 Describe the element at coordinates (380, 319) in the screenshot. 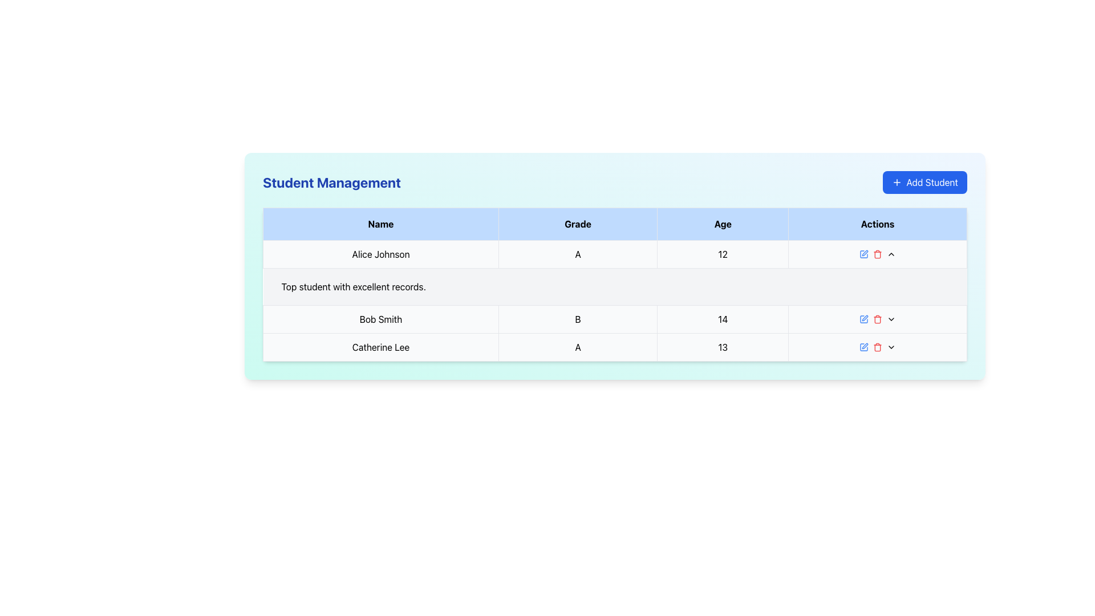

I see `text element displaying 'Bob Smith' in bold black font located in the first column of the second row of the data table` at that location.